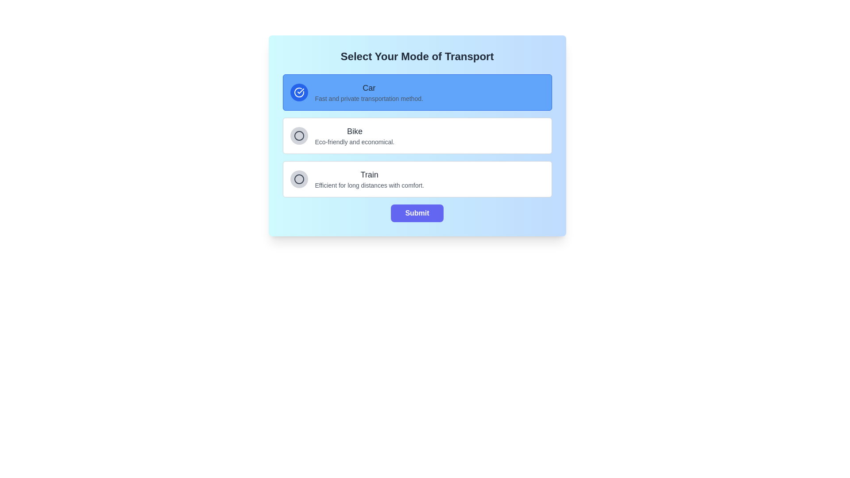 This screenshot has width=850, height=478. I want to click on the center of the unselected Radio Button Circle adjacent to the 'Bike' label, so click(299, 136).